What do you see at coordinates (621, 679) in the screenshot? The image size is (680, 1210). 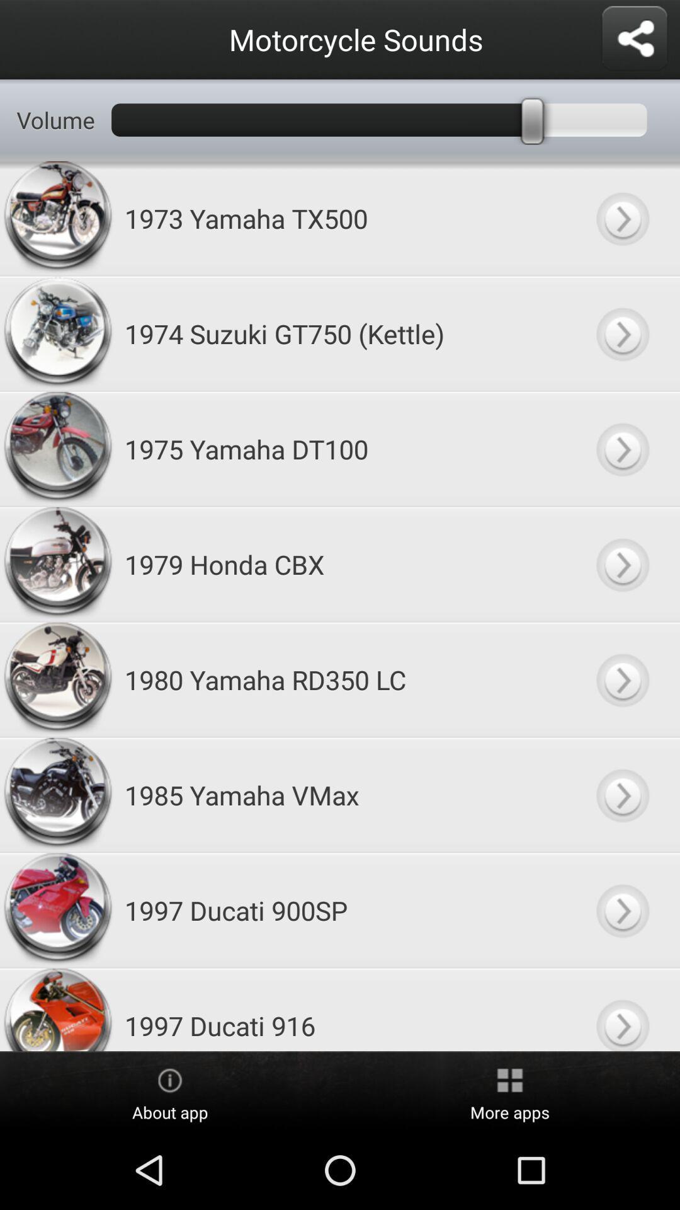 I see `go and search` at bounding box center [621, 679].